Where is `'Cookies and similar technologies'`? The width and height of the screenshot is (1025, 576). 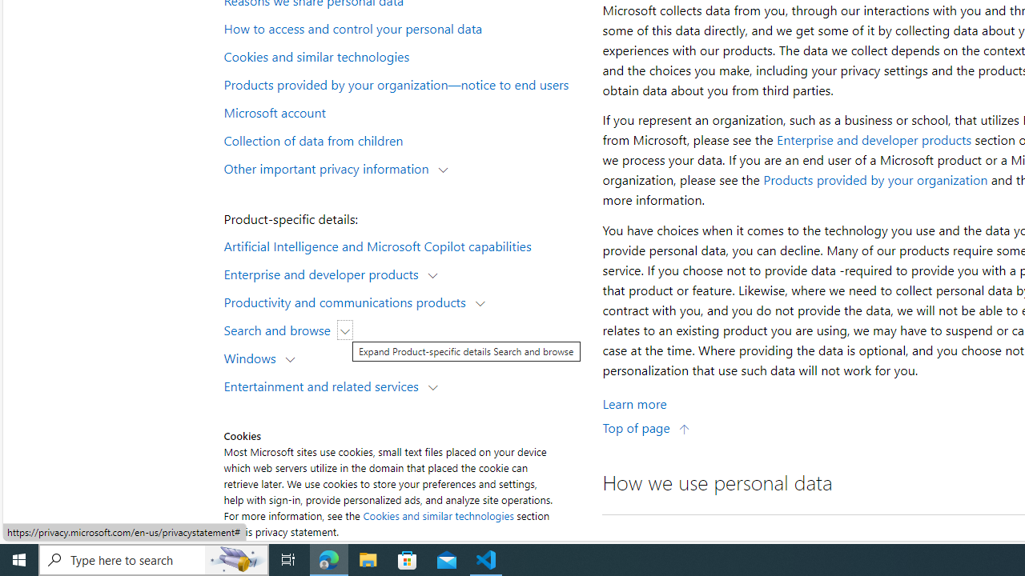 'Cookies and similar technologies' is located at coordinates (438, 515).